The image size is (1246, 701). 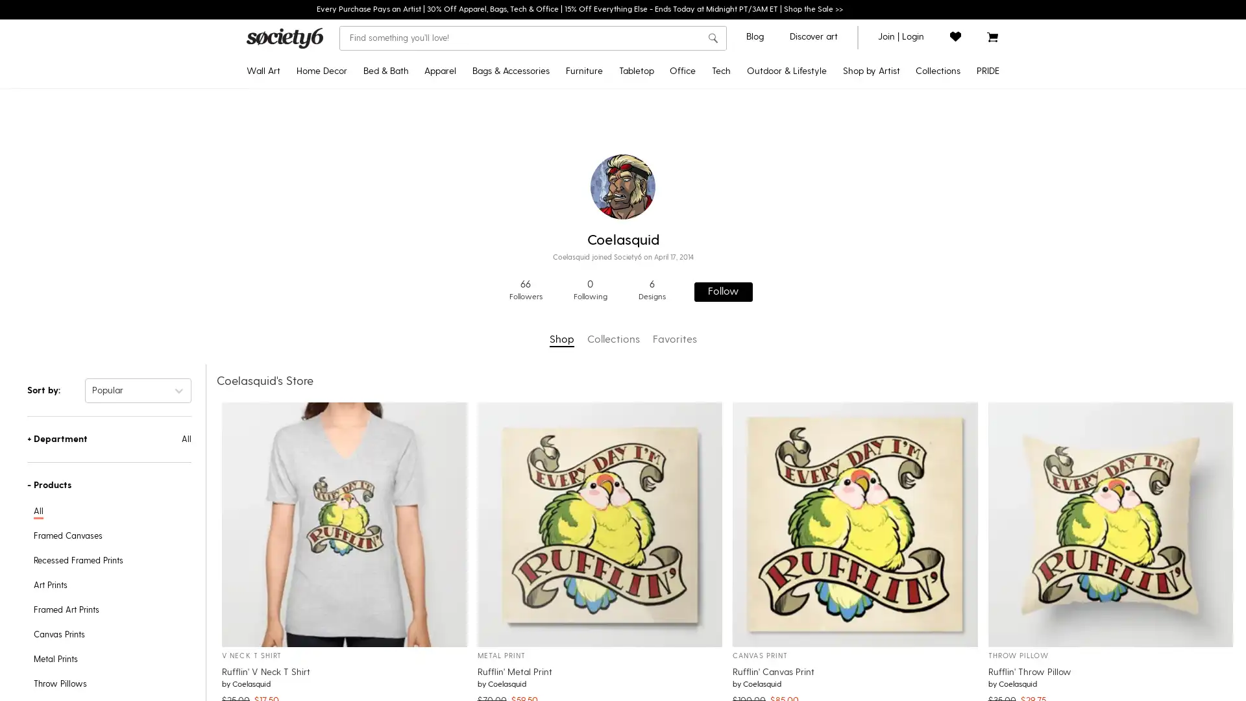 I want to click on Desk MatsNEW, so click(x=715, y=104).